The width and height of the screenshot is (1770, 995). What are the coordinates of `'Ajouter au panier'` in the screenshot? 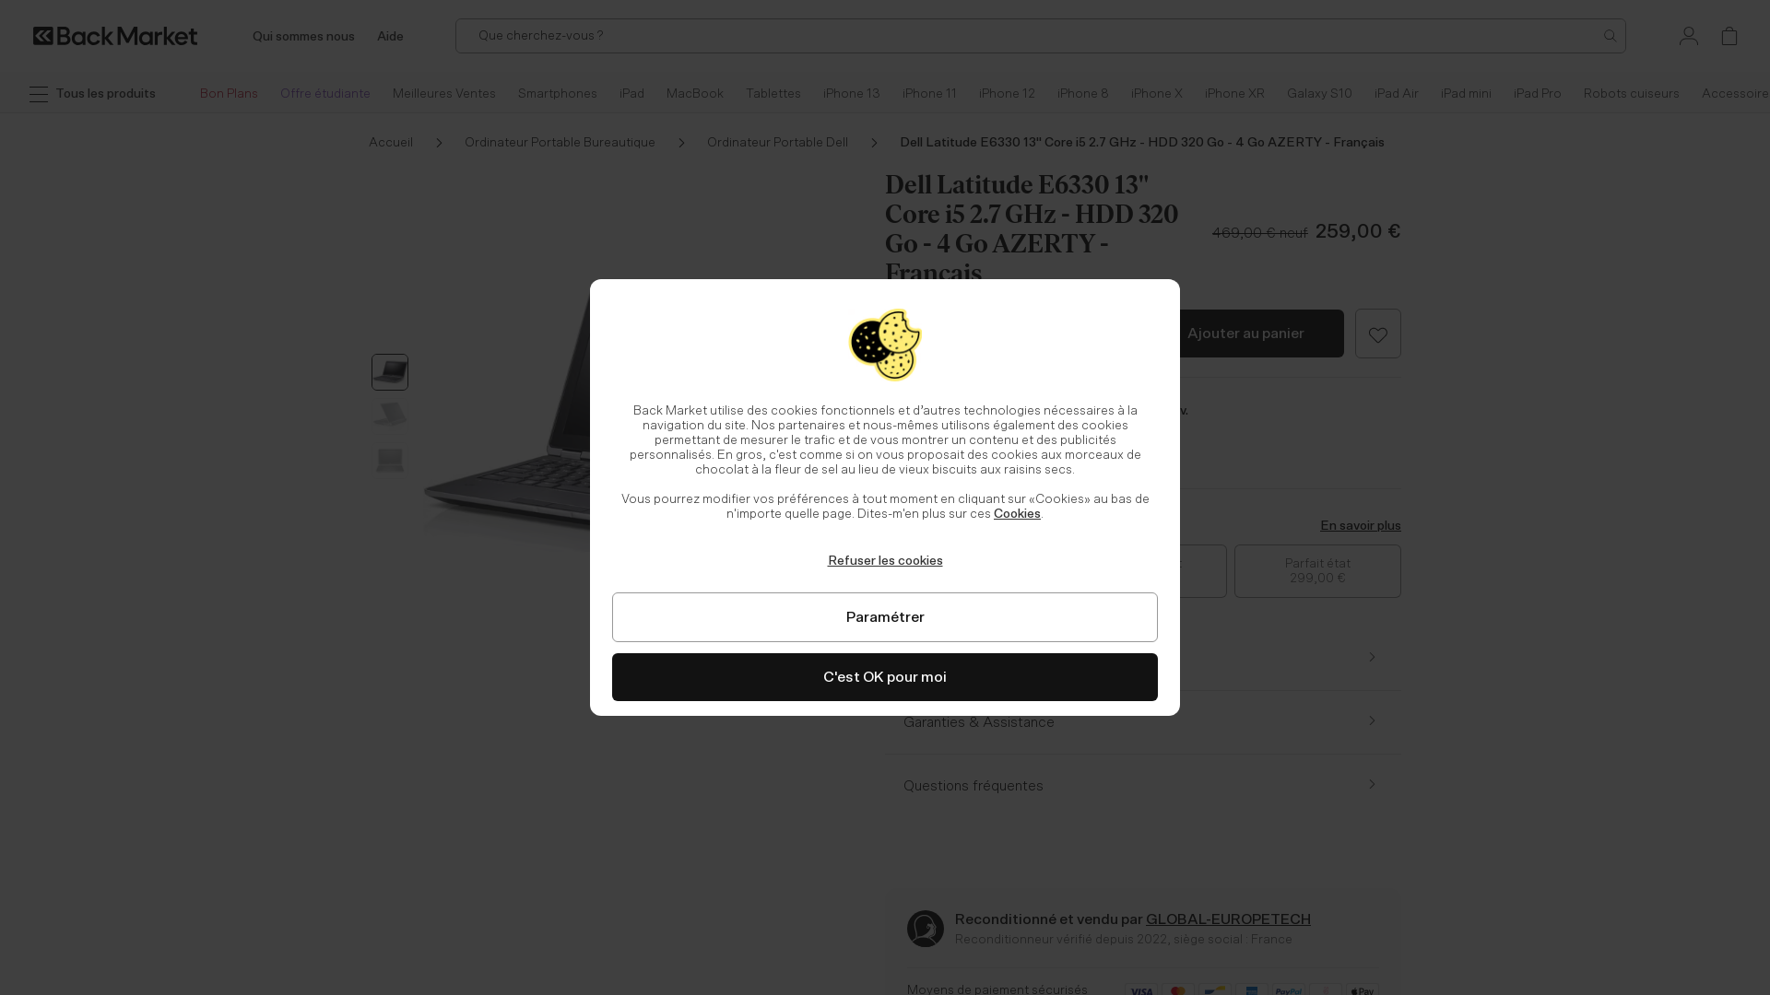 It's located at (1245, 334).